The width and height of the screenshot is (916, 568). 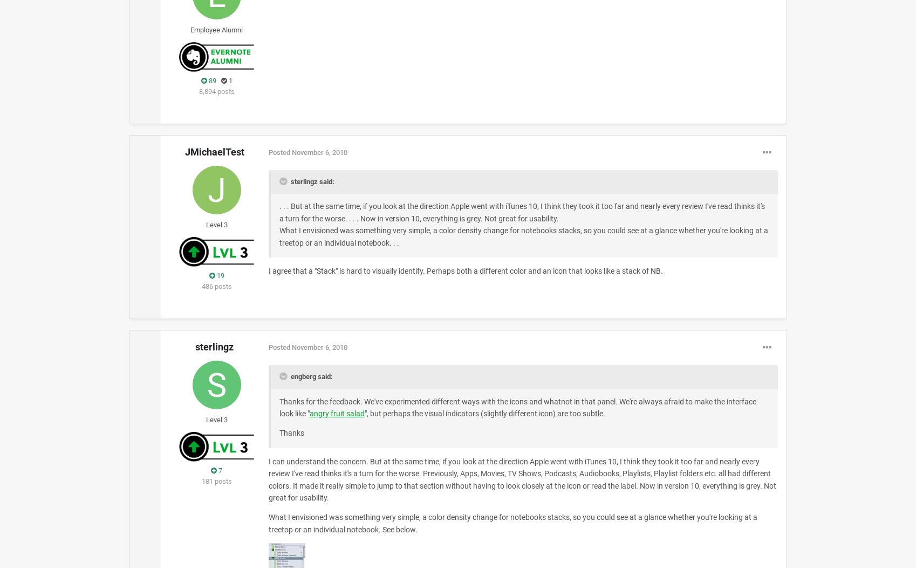 I want to click on '8,894 posts', so click(x=216, y=90).